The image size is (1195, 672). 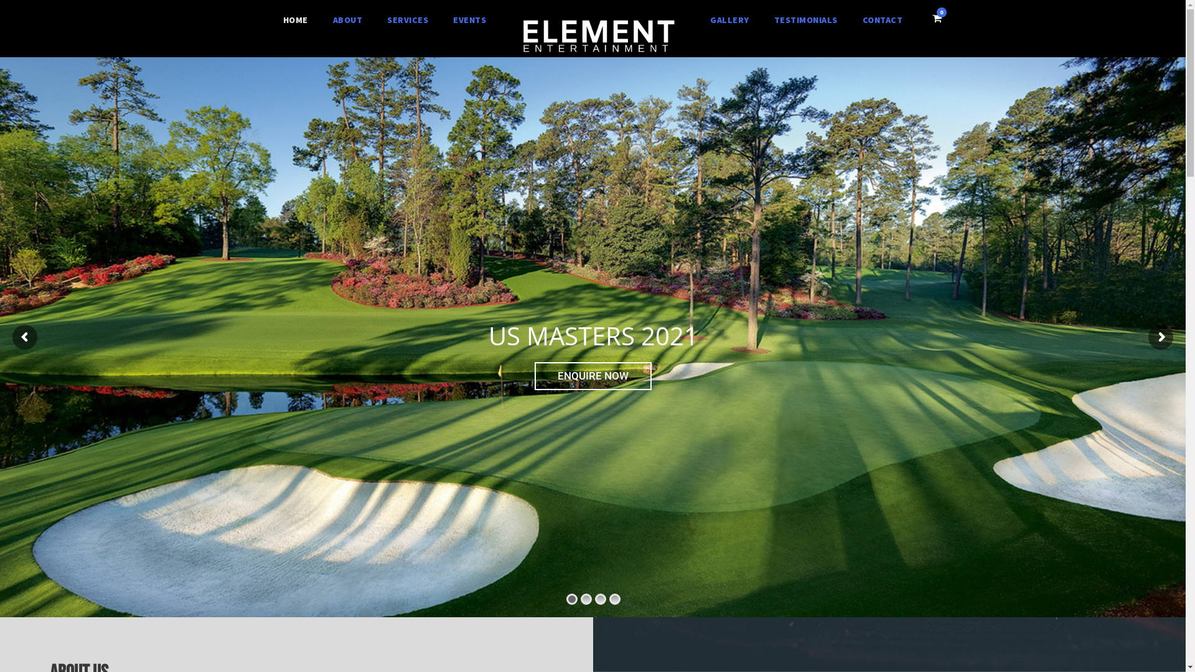 What do you see at coordinates (295, 21) in the screenshot?
I see `'HOME'` at bounding box center [295, 21].